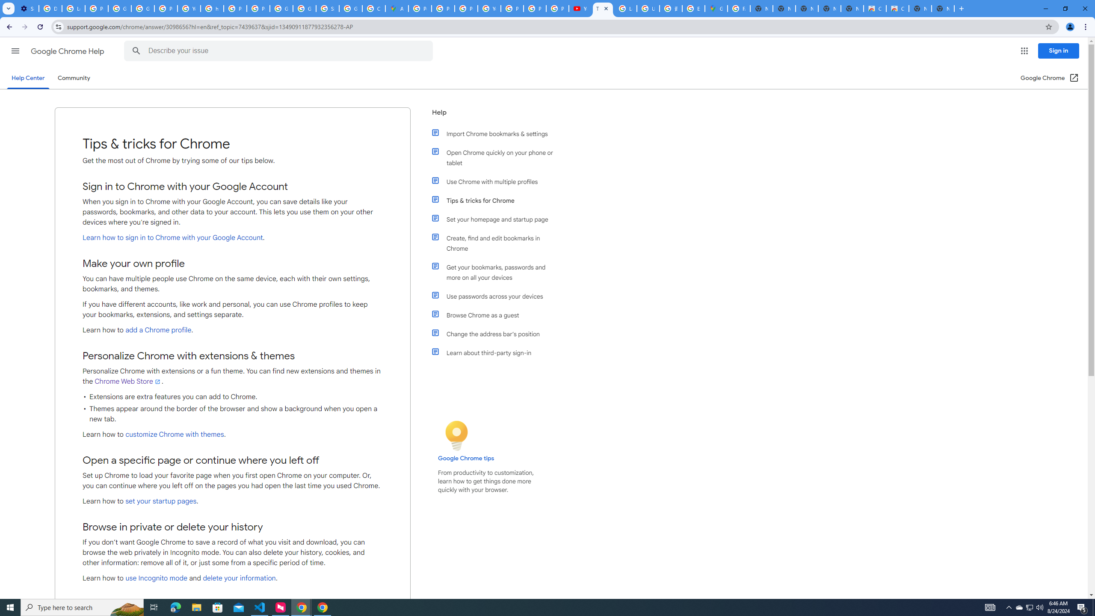 Image resolution: width=1095 pixels, height=616 pixels. I want to click on 'Search Help Center', so click(136, 50).